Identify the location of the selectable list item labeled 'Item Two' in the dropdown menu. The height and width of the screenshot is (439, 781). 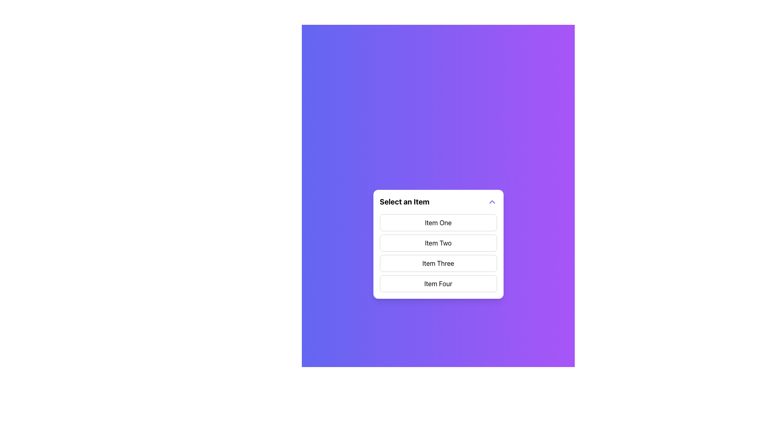
(438, 242).